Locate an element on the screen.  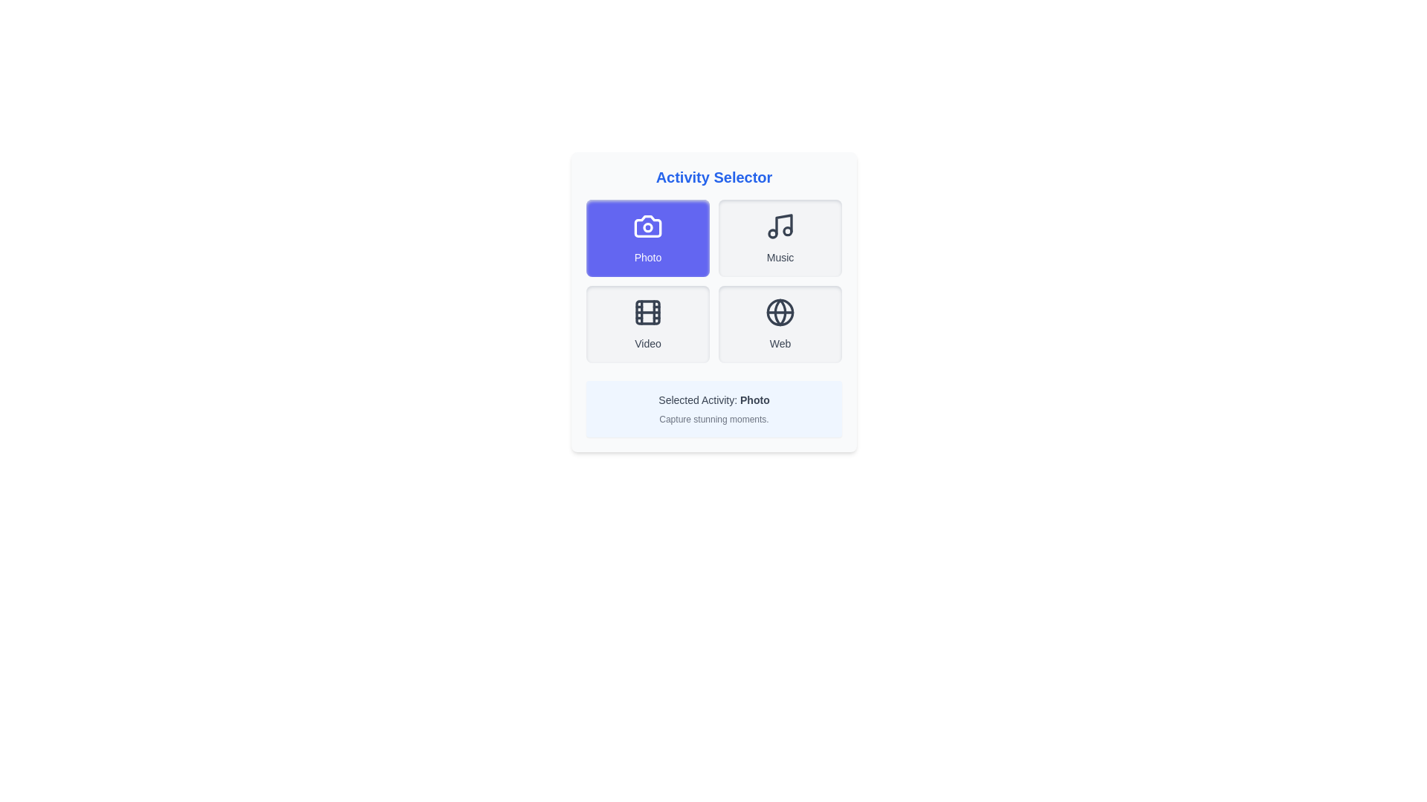
the decorative icon of the camera in the 'Photo' tile located in the upper-left quadrant of the grid is located at coordinates (648, 226).